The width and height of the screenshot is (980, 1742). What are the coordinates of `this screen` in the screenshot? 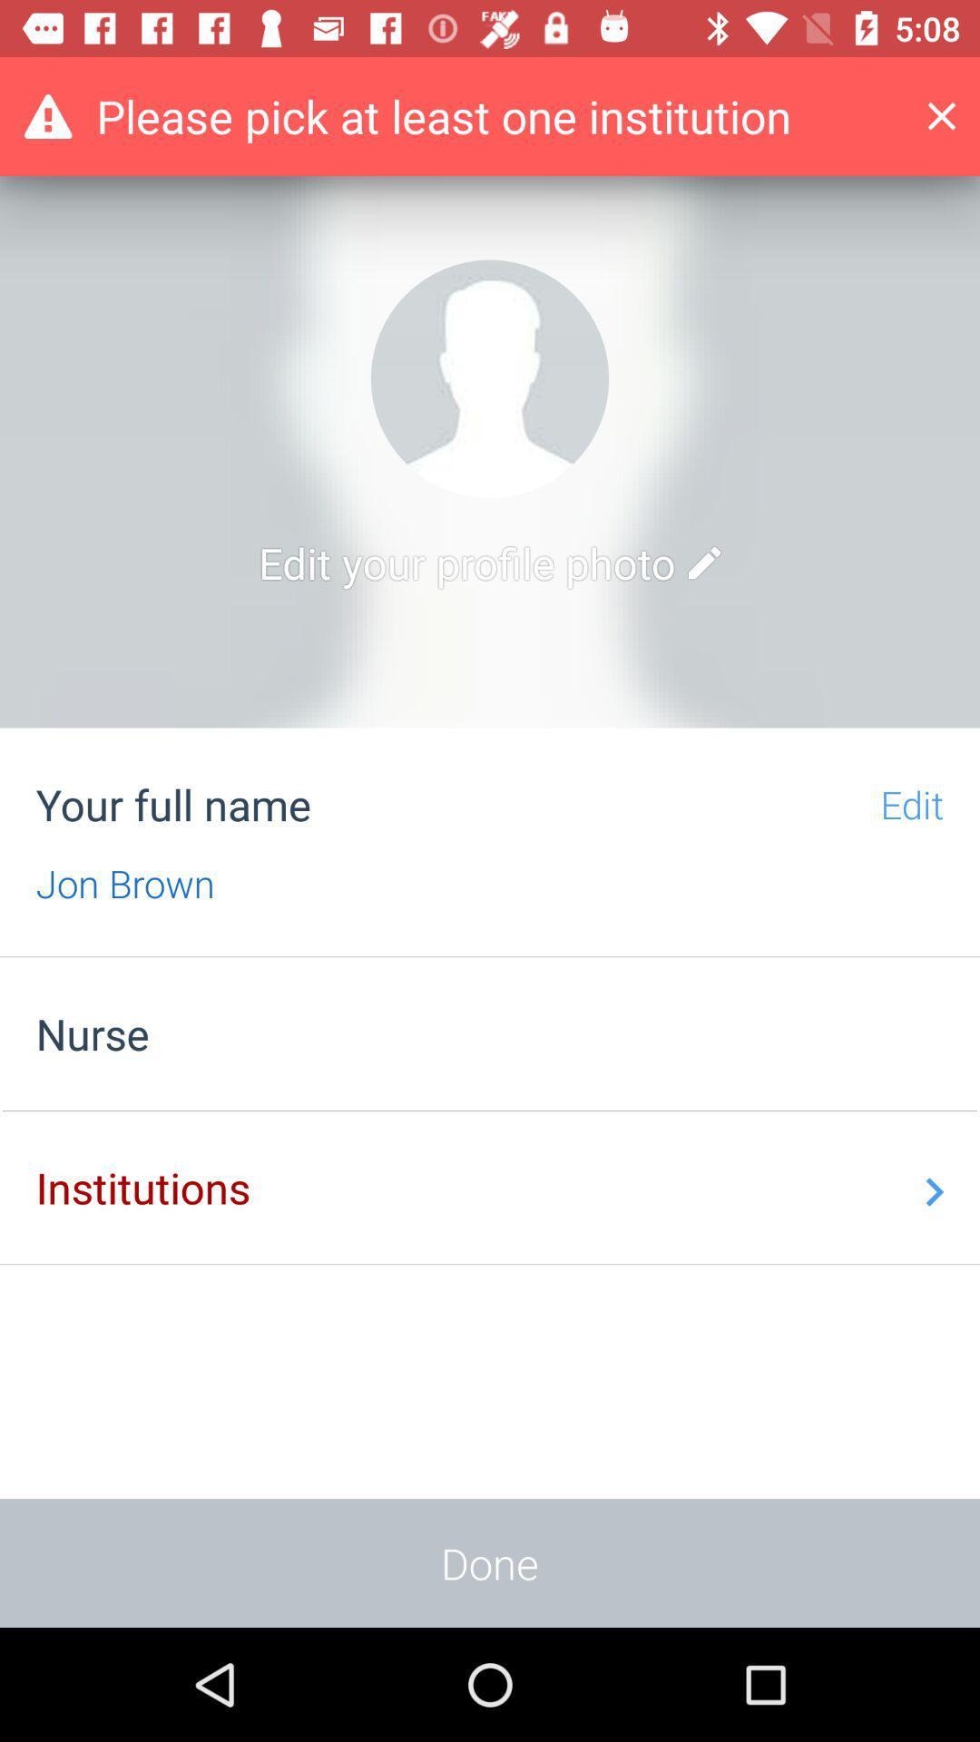 It's located at (955, 115).